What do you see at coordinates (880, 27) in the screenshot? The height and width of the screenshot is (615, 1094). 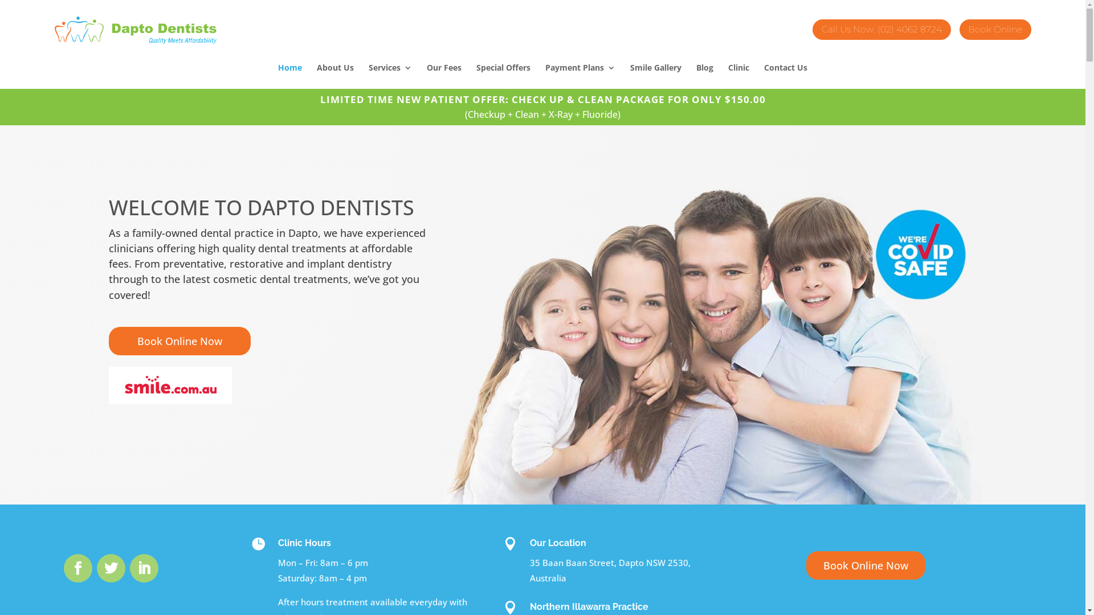 I see `'Call Us Now: (02) 4062 8724'` at bounding box center [880, 27].